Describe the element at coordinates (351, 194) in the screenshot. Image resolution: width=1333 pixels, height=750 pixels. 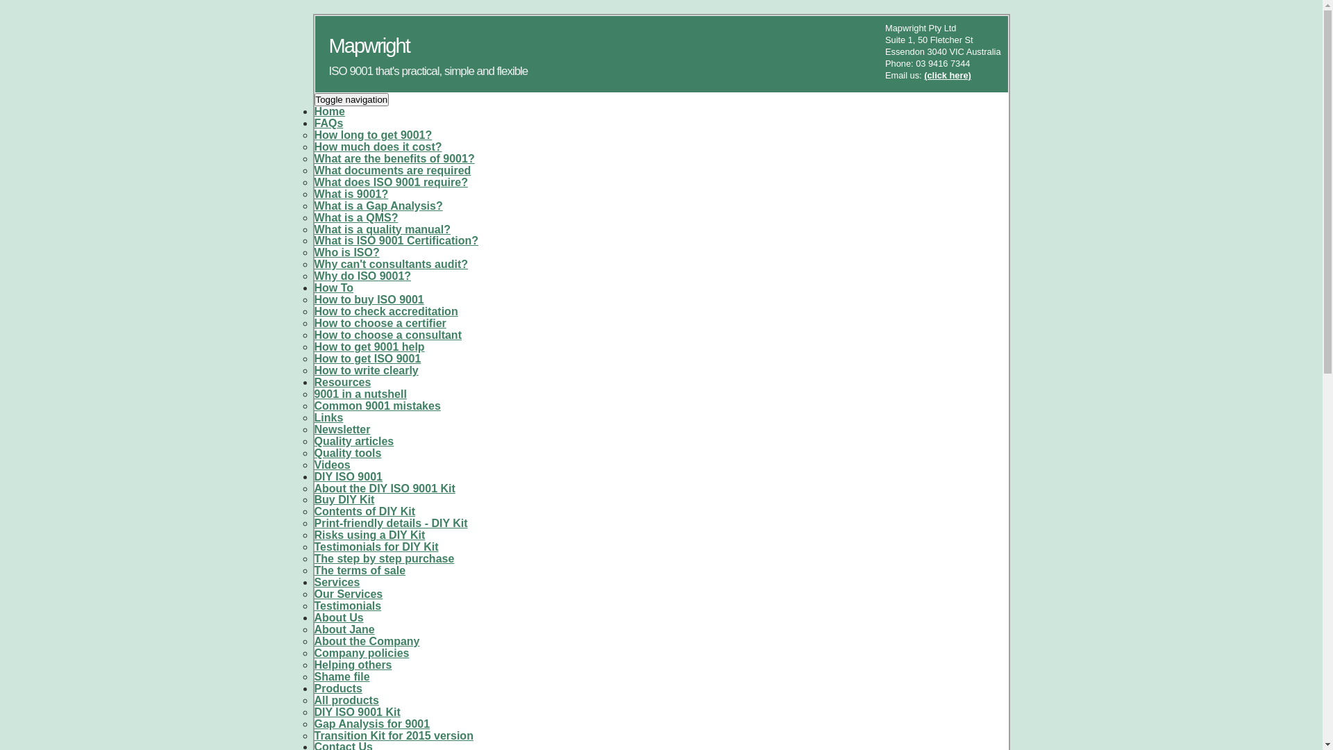
I see `'What is 9001?'` at that location.